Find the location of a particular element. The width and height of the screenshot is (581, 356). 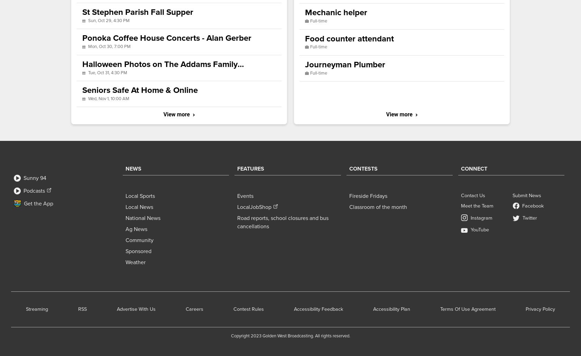

'Events' is located at coordinates (245, 195).